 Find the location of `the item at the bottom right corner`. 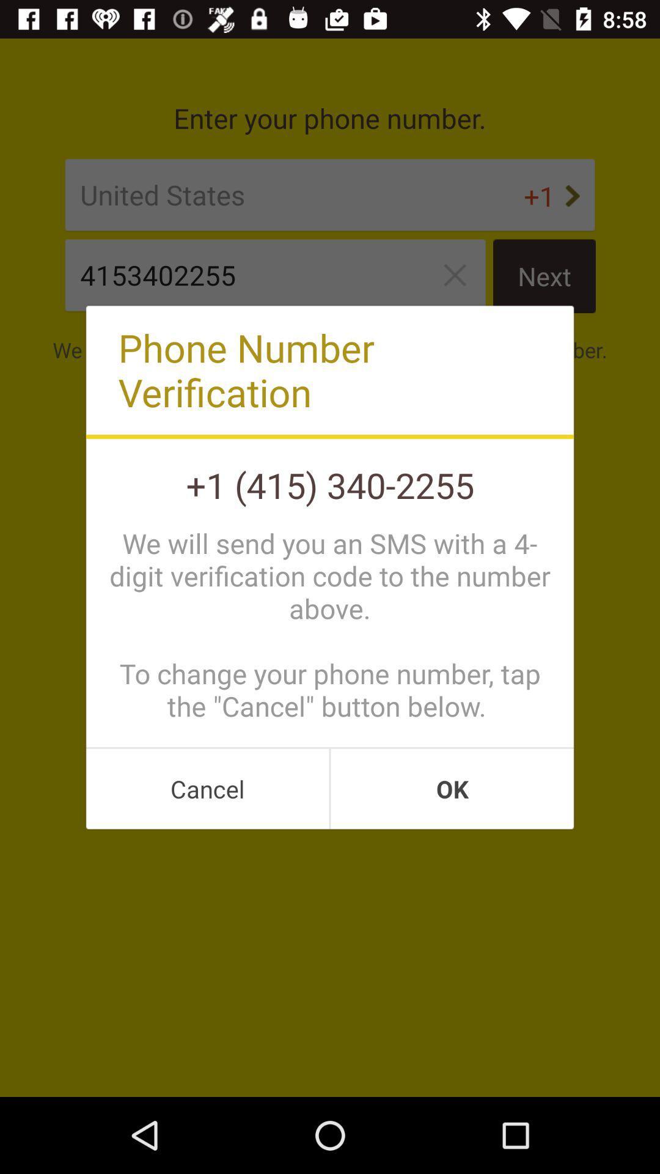

the item at the bottom right corner is located at coordinates (452, 789).